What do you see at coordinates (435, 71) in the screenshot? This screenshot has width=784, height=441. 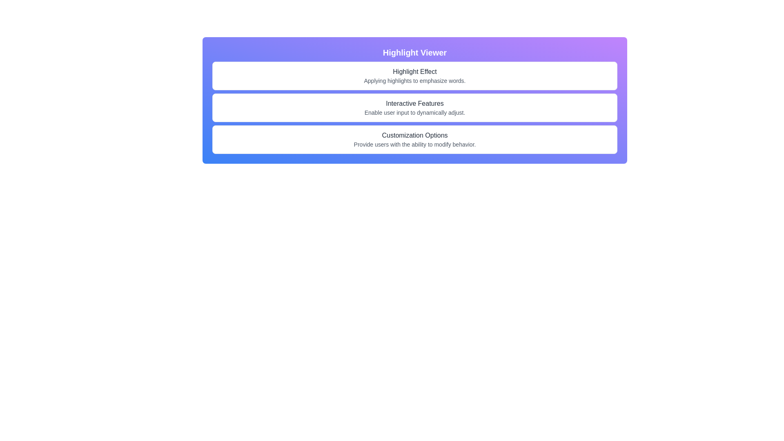 I see `the decorative text character, which is the last character of the word 'Effect' in the phrase 'Highlight Effect'` at bounding box center [435, 71].